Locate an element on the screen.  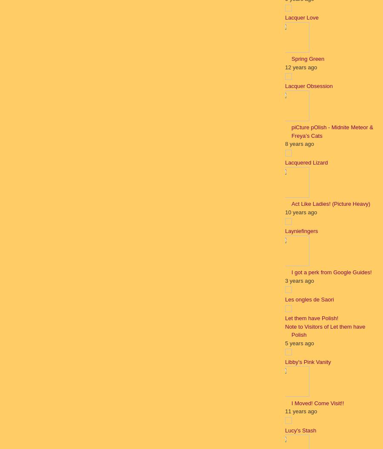
'Act Like Ladies! (Picture Heavy)' is located at coordinates (330, 203).